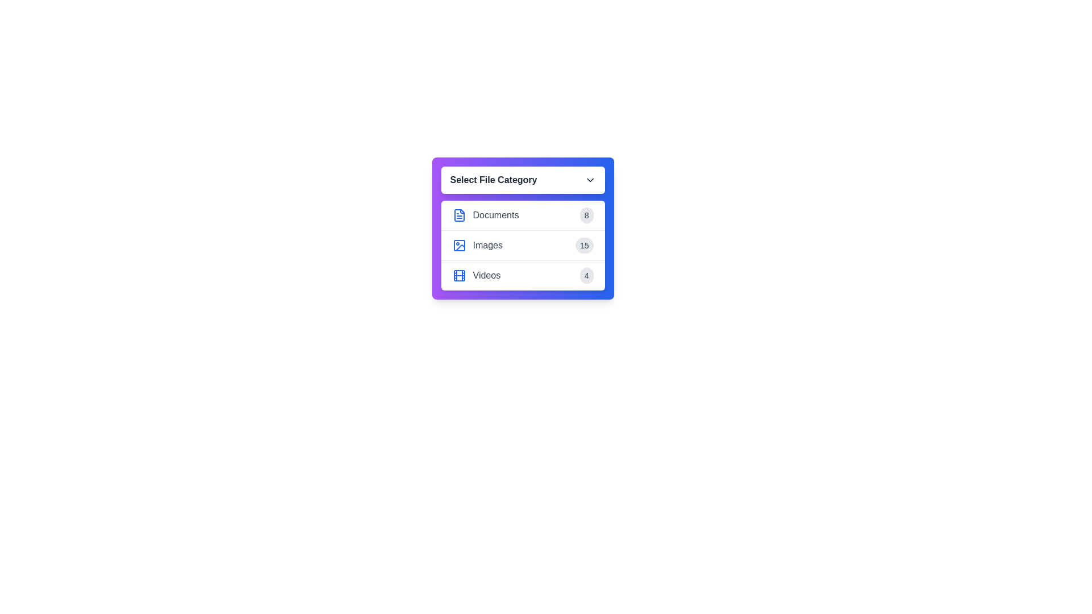 The width and height of the screenshot is (1092, 614). What do you see at coordinates (522, 275) in the screenshot?
I see `the third selectable list item labeled 'Videos' with a counter '4', which is visually aligned to the left in its card-style frame` at bounding box center [522, 275].